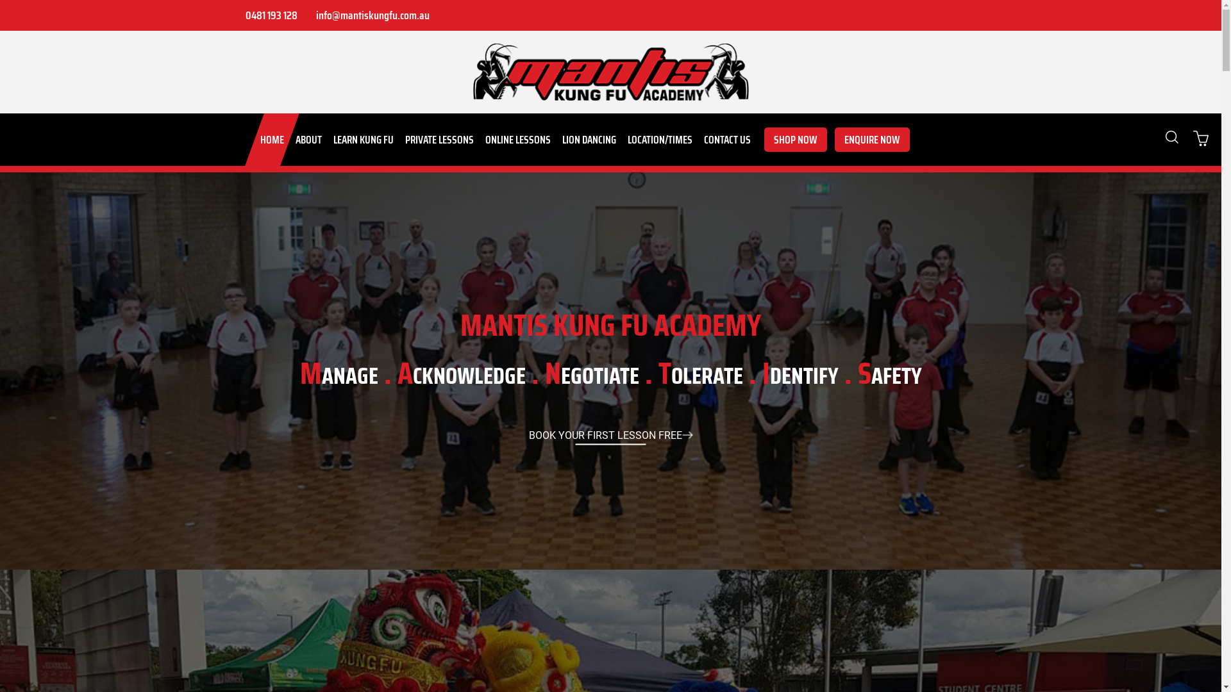 This screenshot has height=692, width=1231. I want to click on 'LOCATION/TIMES', so click(660, 140).